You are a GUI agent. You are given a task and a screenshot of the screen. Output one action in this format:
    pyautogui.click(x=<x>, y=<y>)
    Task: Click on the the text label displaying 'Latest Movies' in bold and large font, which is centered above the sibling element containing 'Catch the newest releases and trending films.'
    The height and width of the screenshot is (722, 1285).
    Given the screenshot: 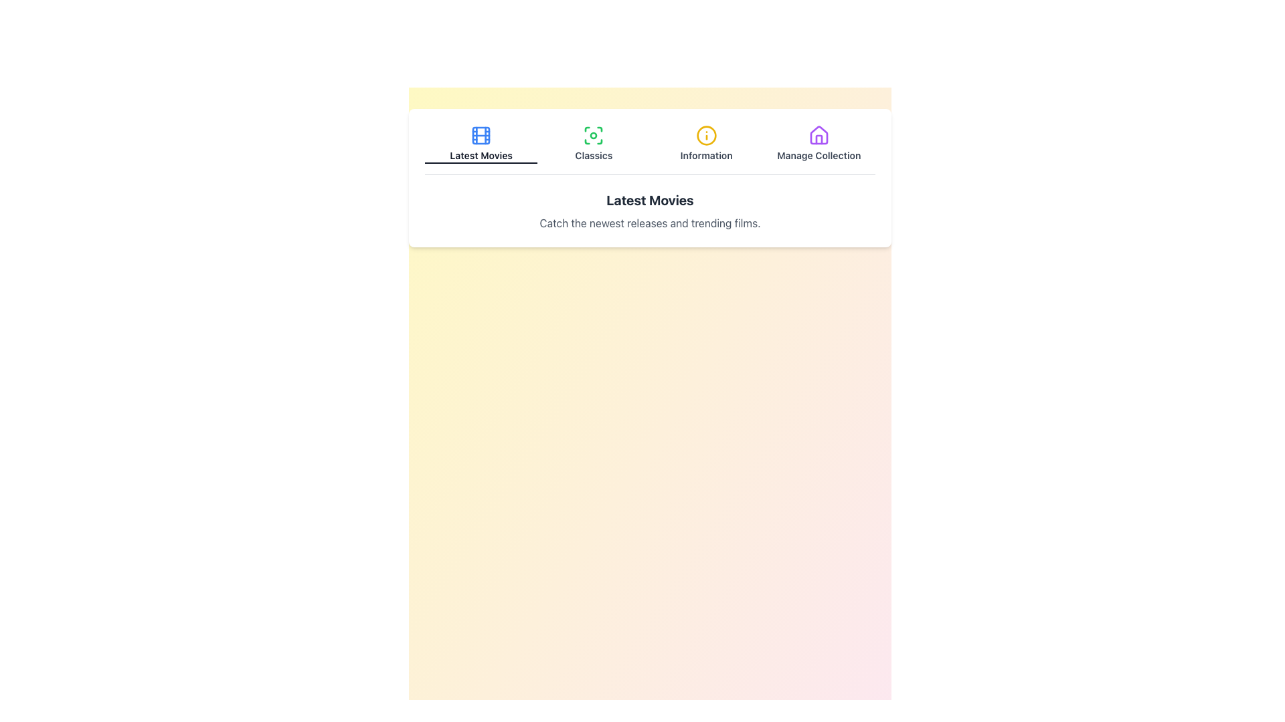 What is the action you would take?
    pyautogui.click(x=650, y=201)
    